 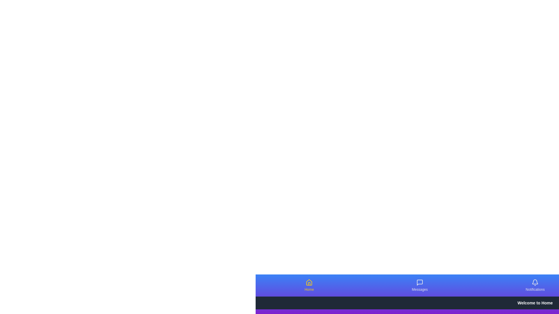 What do you see at coordinates (419, 282) in the screenshot?
I see `the tab icon labeled Messages` at bounding box center [419, 282].